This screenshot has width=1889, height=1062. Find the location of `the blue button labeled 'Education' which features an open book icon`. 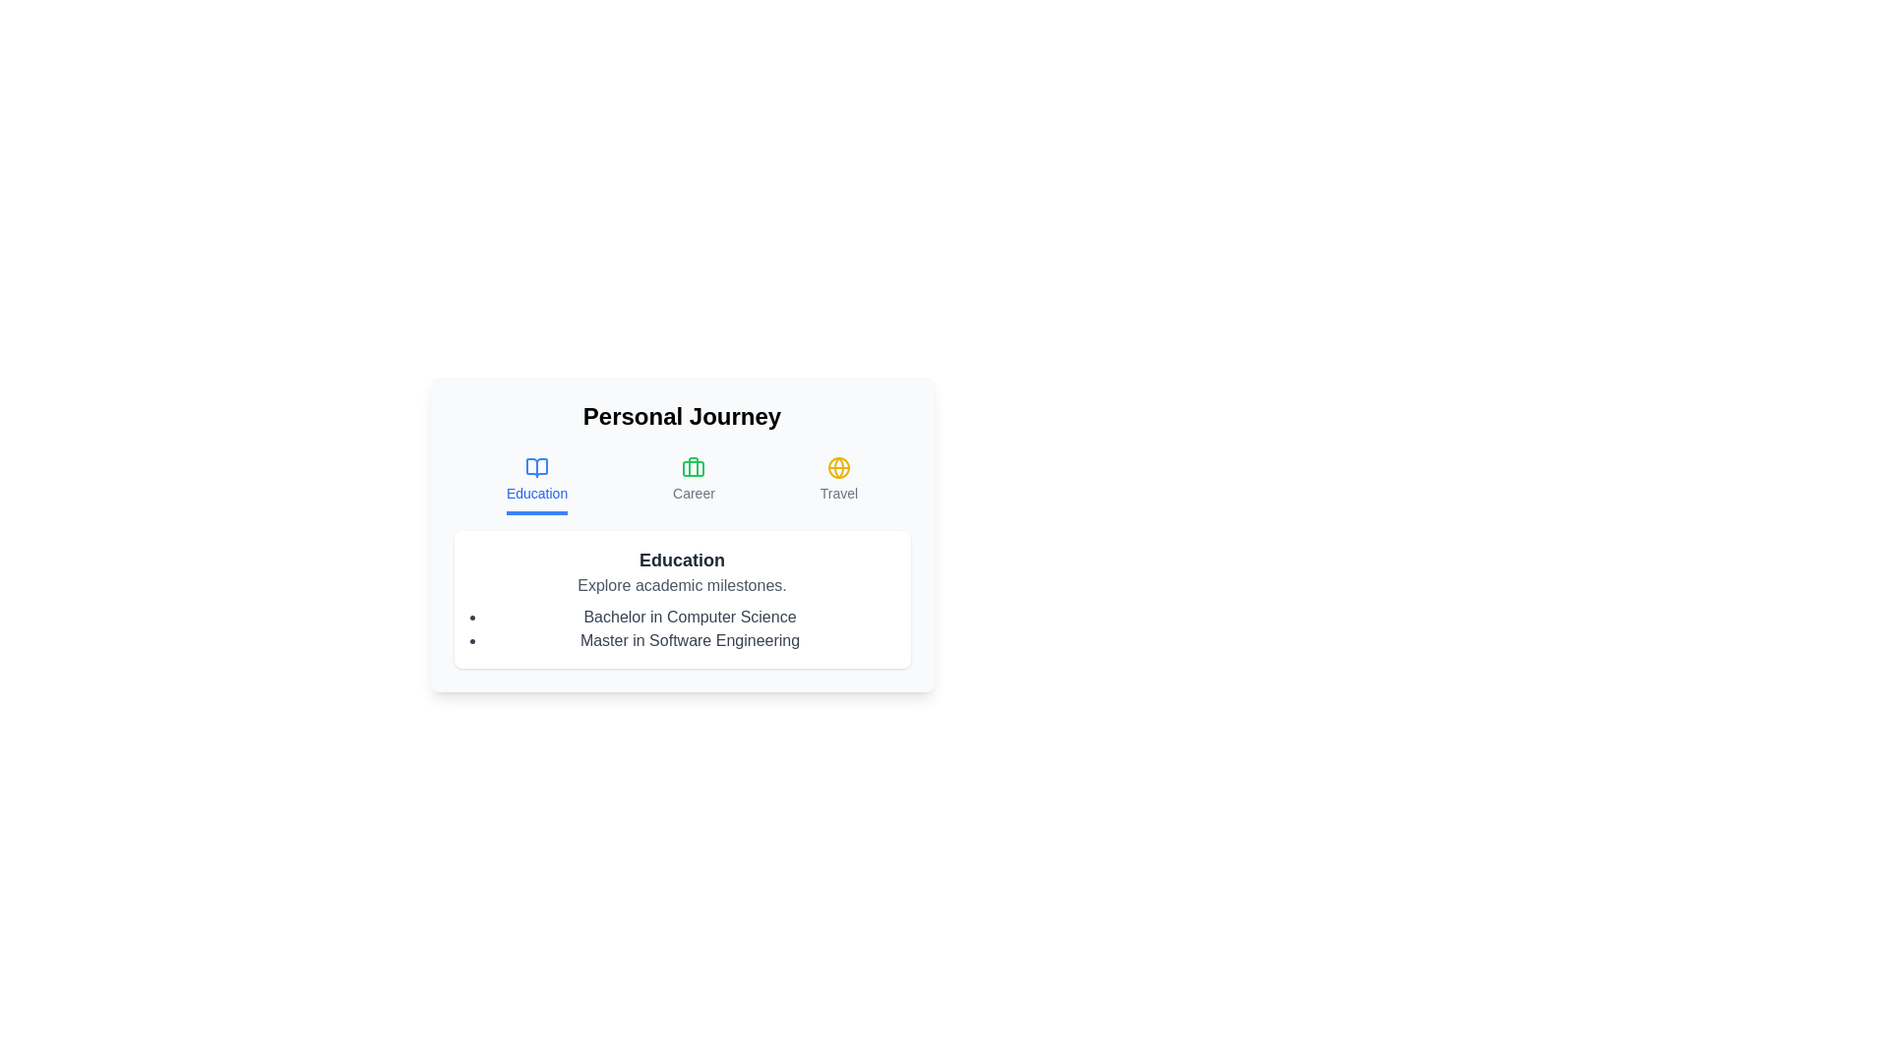

the blue button labeled 'Education' which features an open book icon is located at coordinates (537, 485).